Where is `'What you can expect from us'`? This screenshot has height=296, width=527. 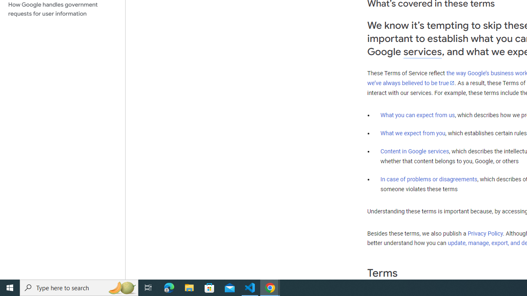
'What you can expect from us' is located at coordinates (417, 115).